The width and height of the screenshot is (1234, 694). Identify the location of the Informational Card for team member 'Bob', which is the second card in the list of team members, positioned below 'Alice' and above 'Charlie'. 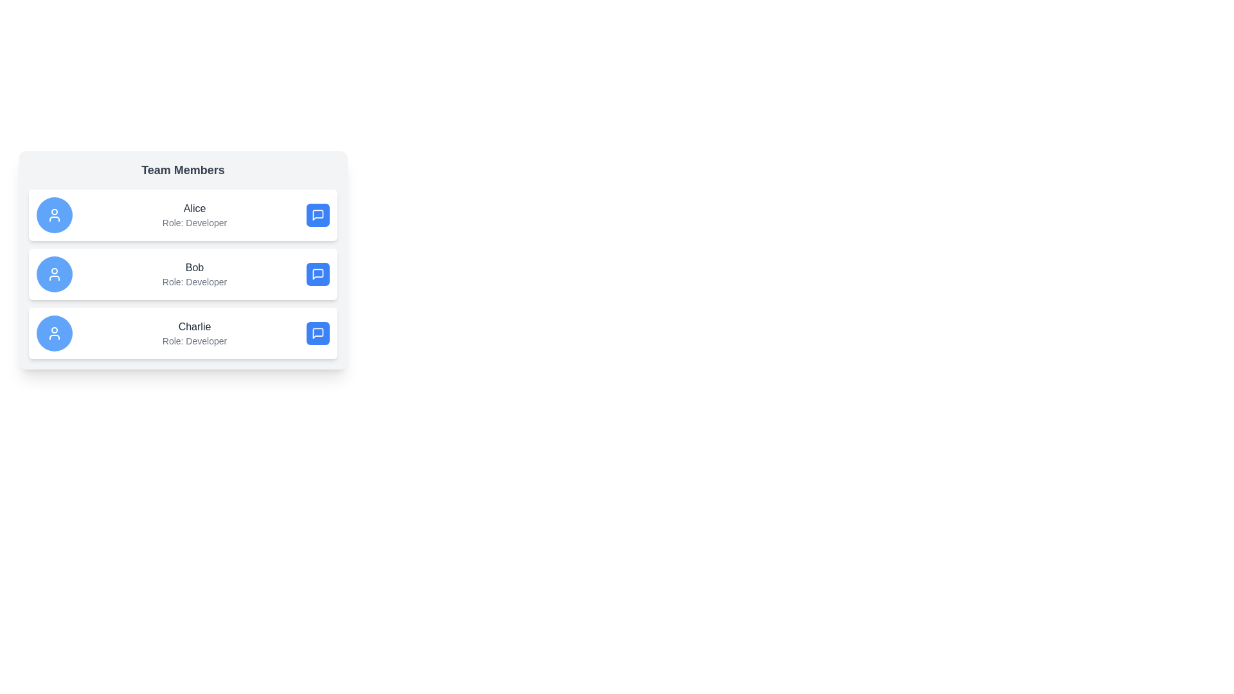
(182, 260).